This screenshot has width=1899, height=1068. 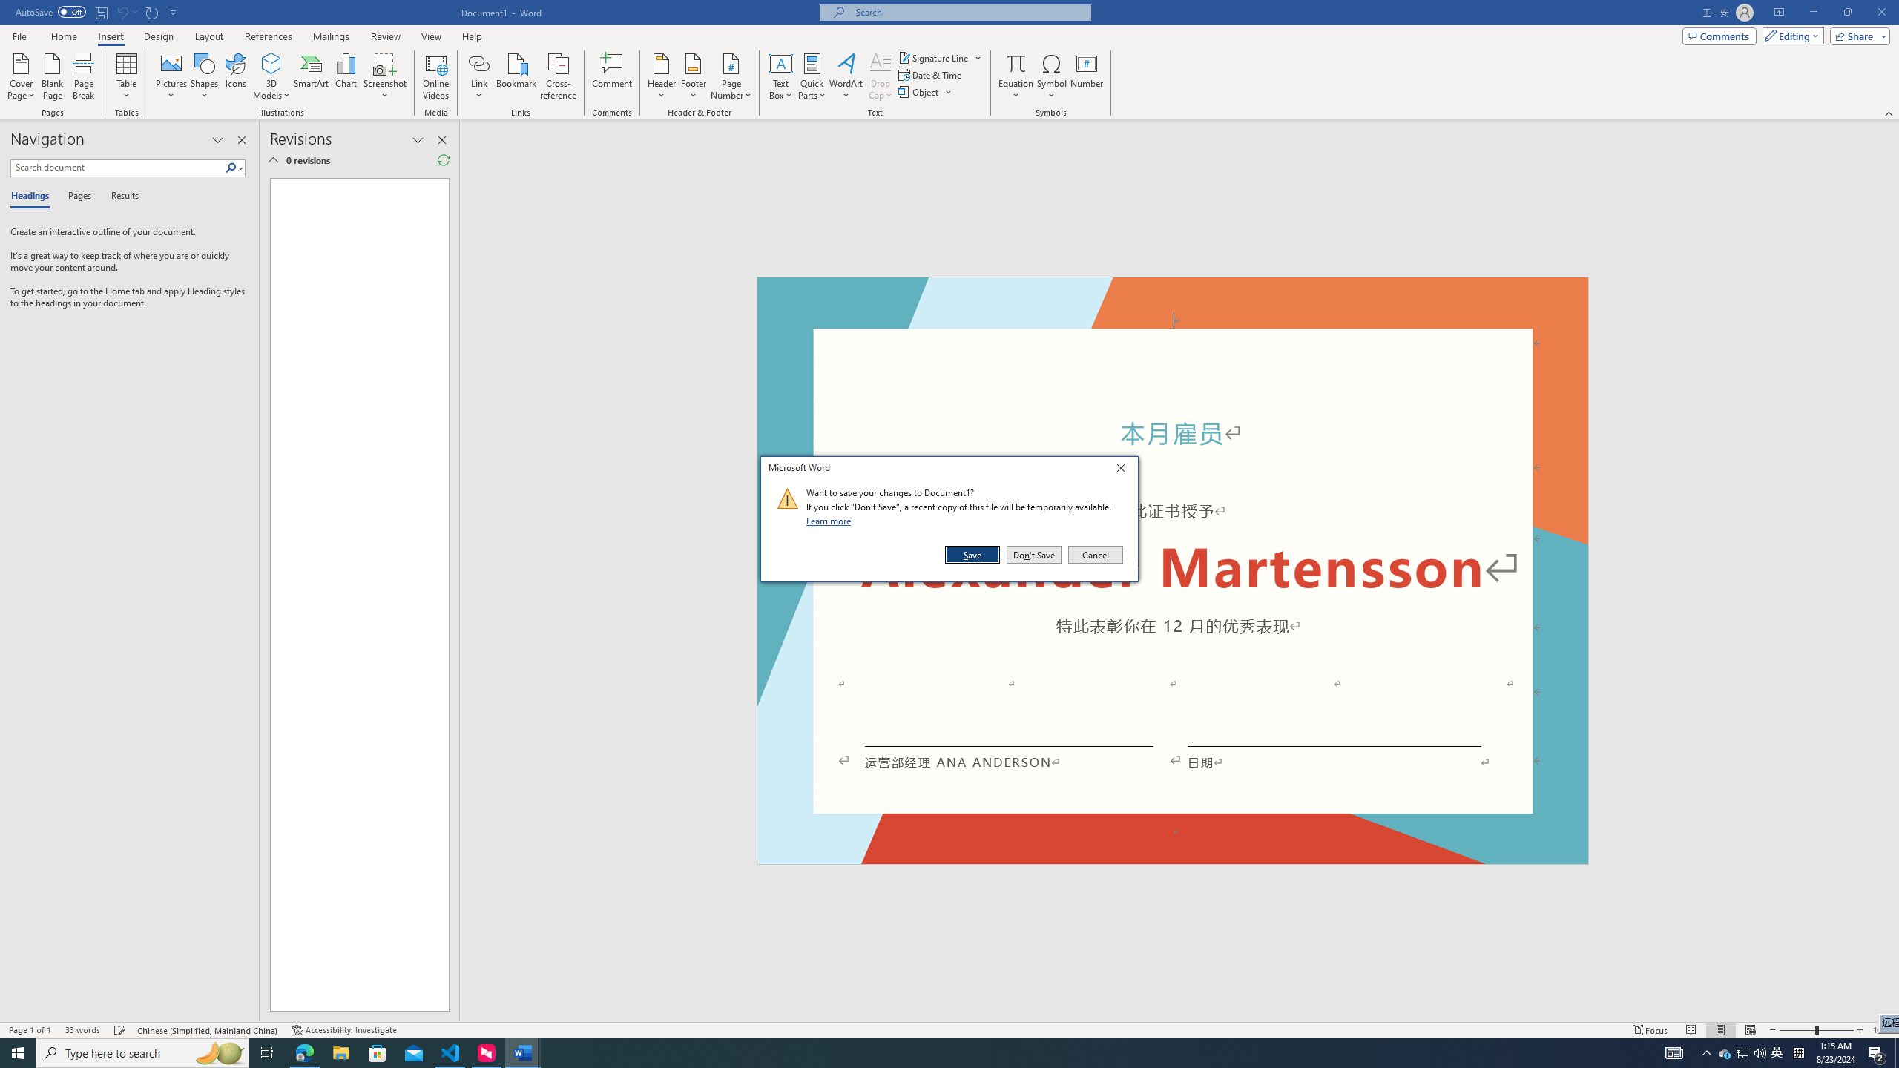 What do you see at coordinates (19, 35) in the screenshot?
I see `'File Tab'` at bounding box center [19, 35].